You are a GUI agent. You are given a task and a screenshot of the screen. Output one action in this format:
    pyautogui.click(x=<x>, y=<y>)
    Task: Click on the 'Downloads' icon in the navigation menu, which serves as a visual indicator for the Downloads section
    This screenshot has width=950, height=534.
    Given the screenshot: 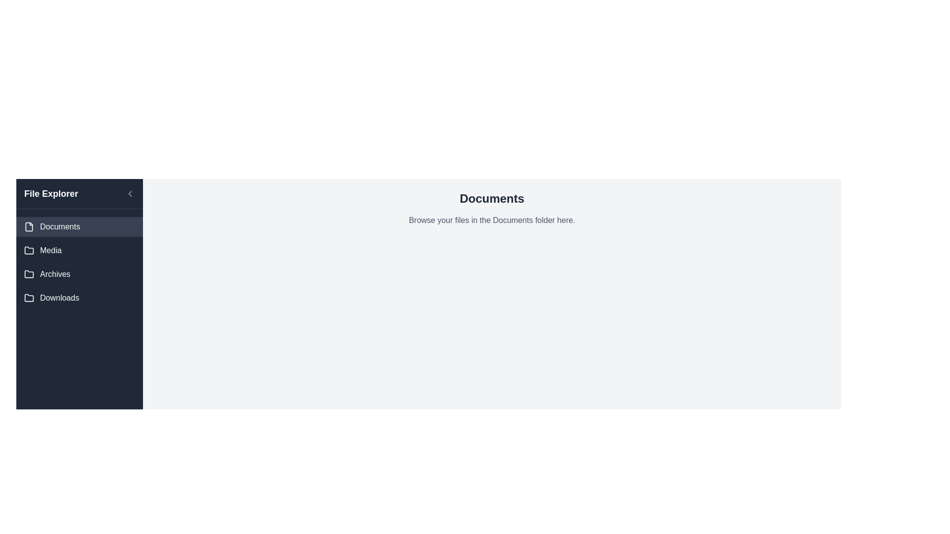 What is the action you would take?
    pyautogui.click(x=29, y=297)
    